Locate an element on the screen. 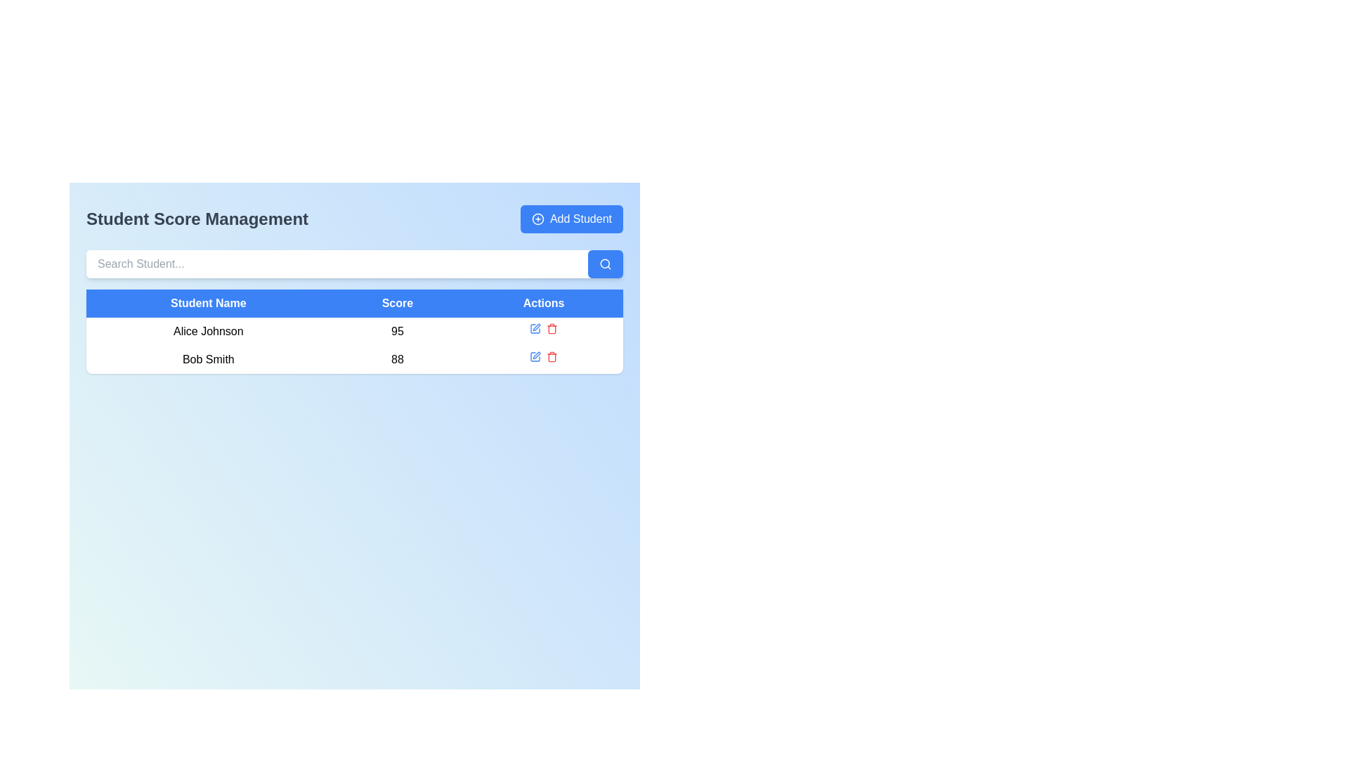 This screenshot has height=759, width=1349. the blue editing icon/button located in the 'Actions' column for the student 'Alice Johnson' to initiate the edit action is located at coordinates (535, 328).